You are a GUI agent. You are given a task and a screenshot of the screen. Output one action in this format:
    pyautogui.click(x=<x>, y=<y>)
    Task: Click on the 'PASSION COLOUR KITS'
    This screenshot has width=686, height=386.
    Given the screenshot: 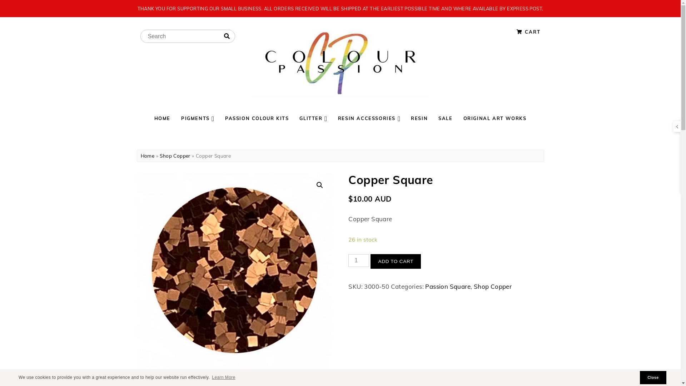 What is the action you would take?
    pyautogui.click(x=219, y=118)
    